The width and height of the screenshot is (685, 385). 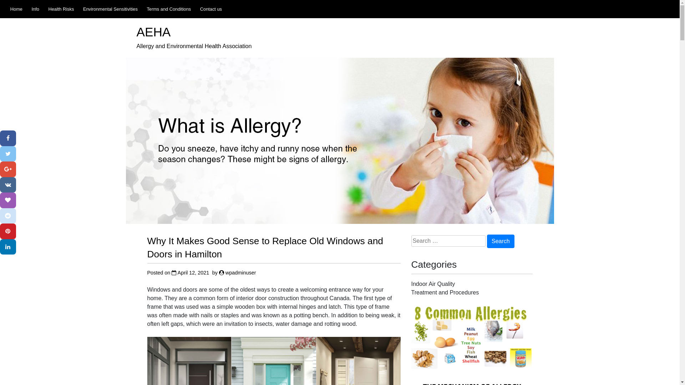 What do you see at coordinates (8, 185) in the screenshot?
I see `'VKontakte'` at bounding box center [8, 185].